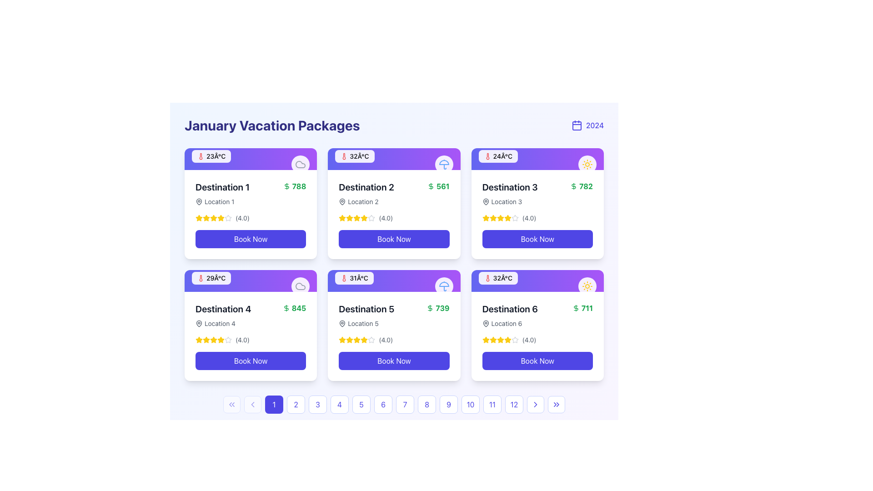 The width and height of the screenshot is (873, 491). Describe the element at coordinates (366, 193) in the screenshot. I see `the label group containing 'Destination 2' and 'Location 2'` at that location.